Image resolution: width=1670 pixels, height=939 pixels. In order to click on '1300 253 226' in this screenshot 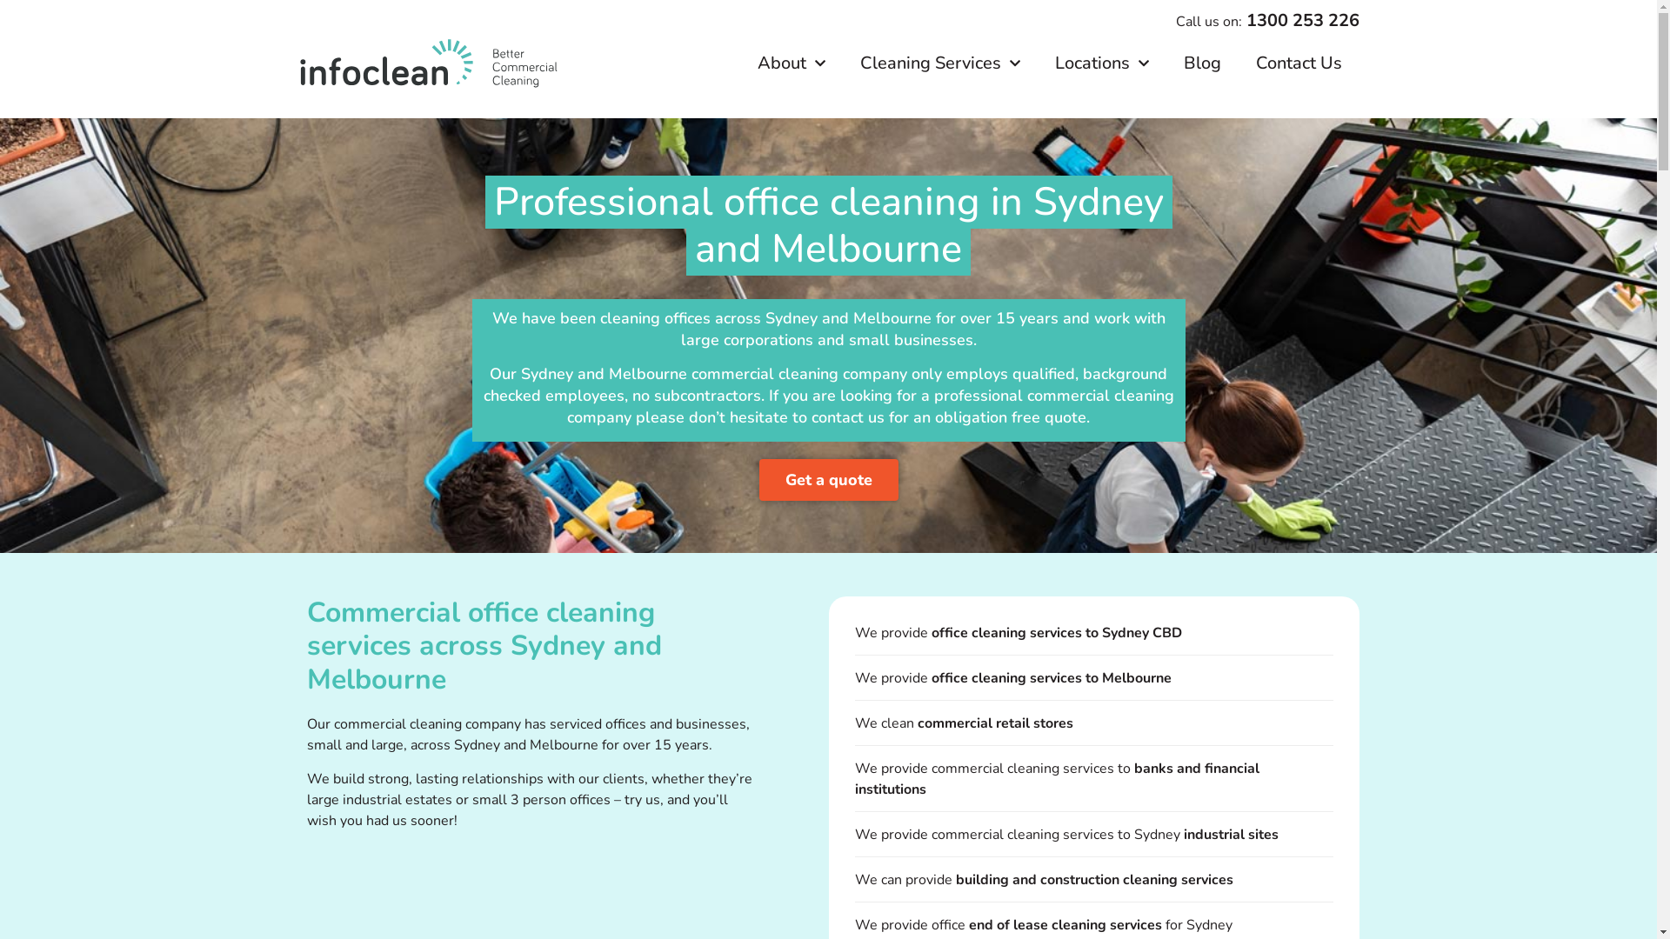, I will do `click(1244, 20)`.